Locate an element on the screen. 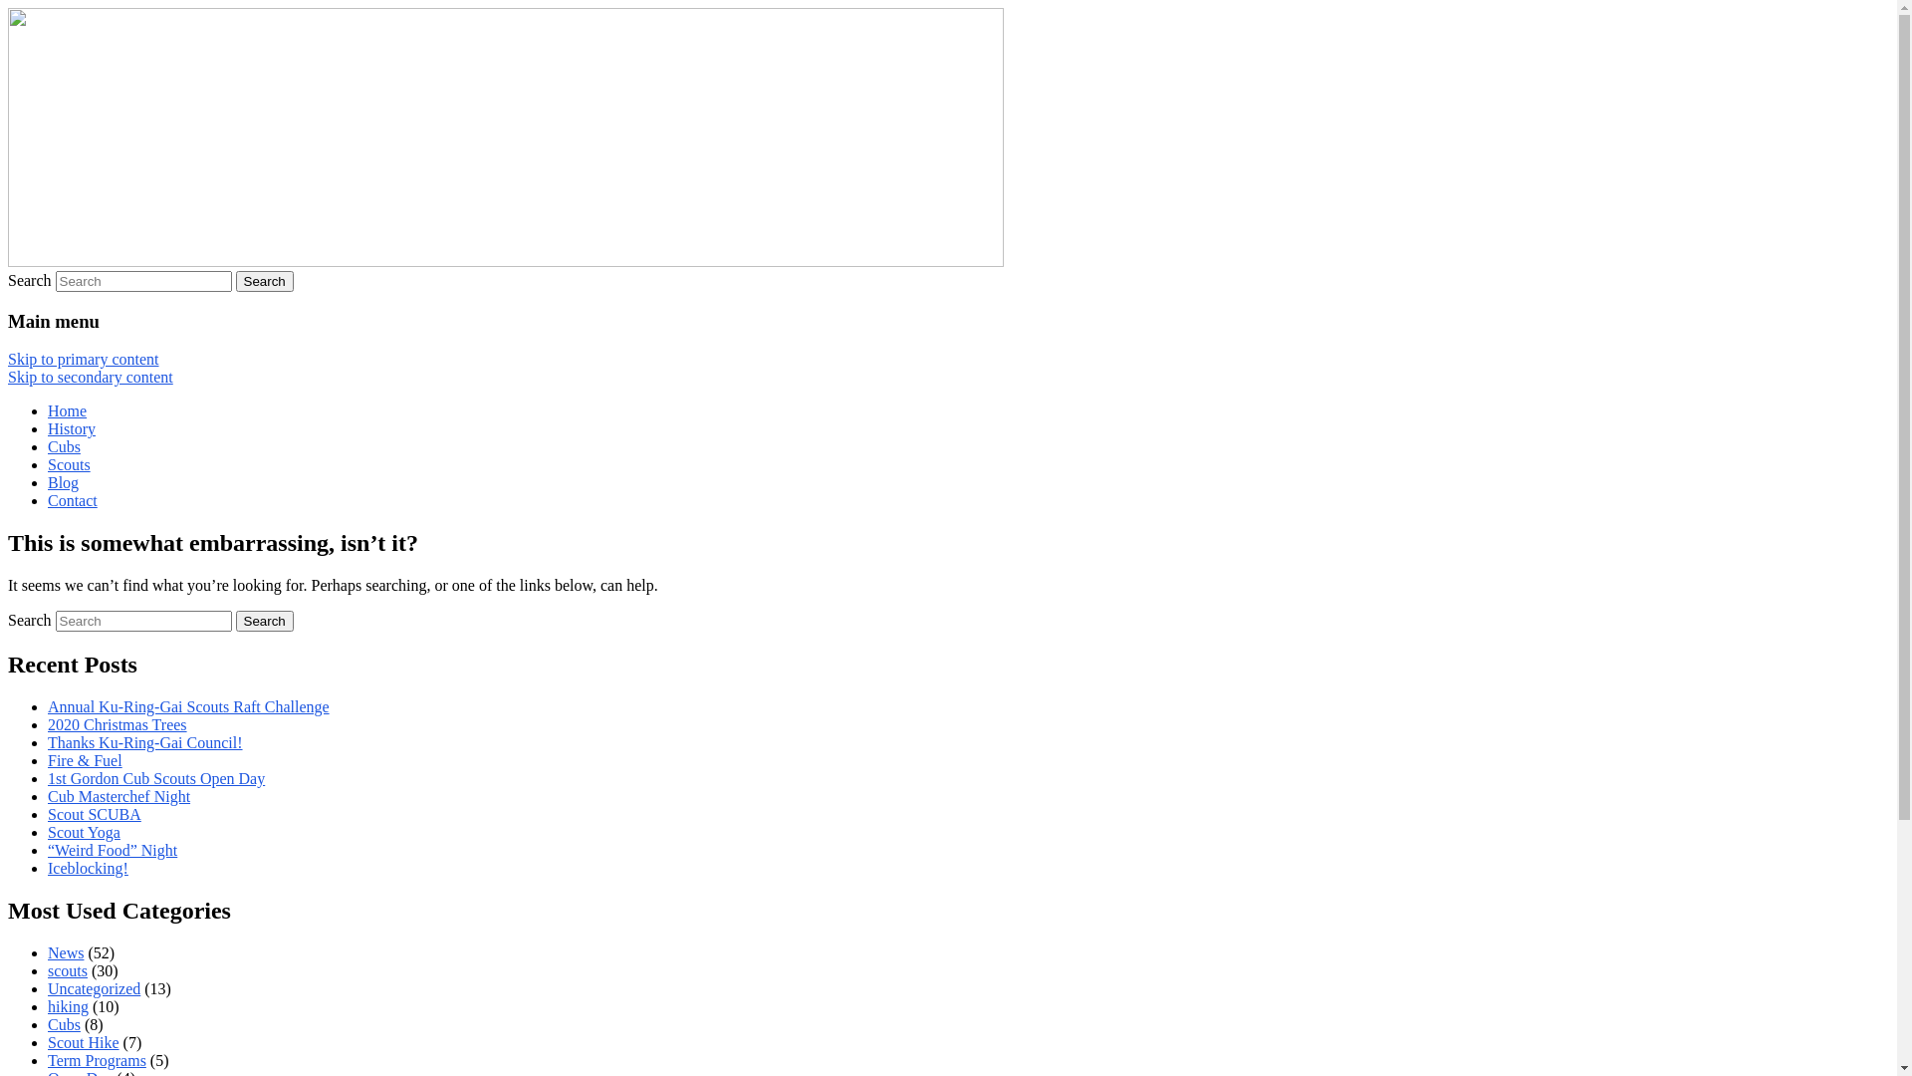  'Iceblocking!' is located at coordinates (87, 867).